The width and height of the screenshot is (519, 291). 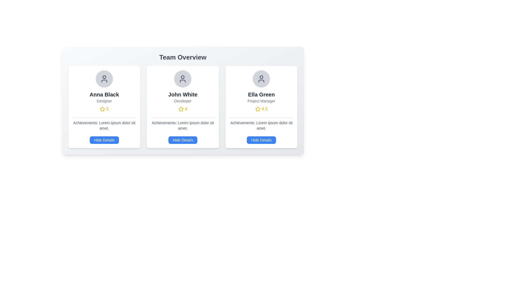 What do you see at coordinates (183, 79) in the screenshot?
I see `the circular gray avatar icon representing 'John White'` at bounding box center [183, 79].